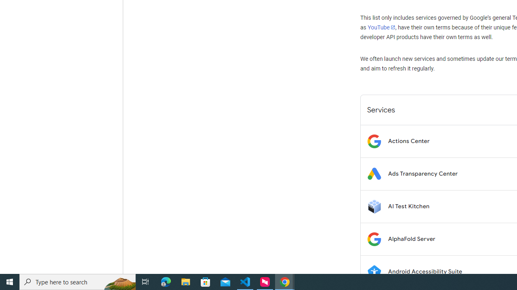 Image resolution: width=517 pixels, height=290 pixels. What do you see at coordinates (374, 141) in the screenshot?
I see `'Logo for Actions Center'` at bounding box center [374, 141].